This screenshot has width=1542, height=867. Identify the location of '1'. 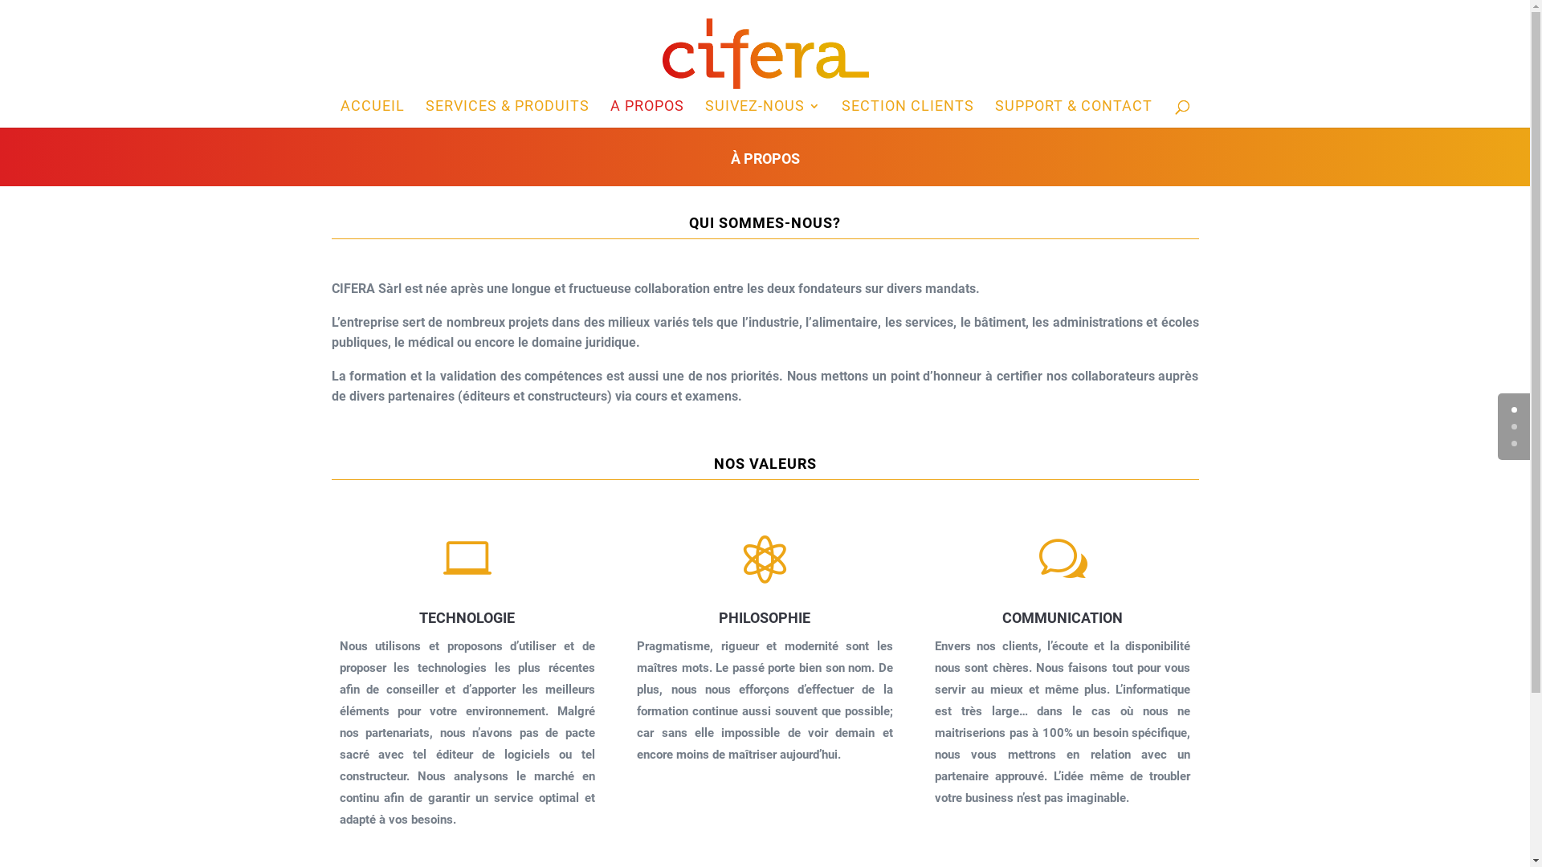
(1513, 425).